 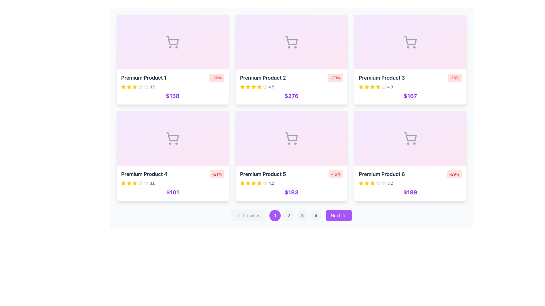 What do you see at coordinates (367, 183) in the screenshot?
I see `the third yellow filled star icon representing the rating in the rating system below the 'Premium Product 6' information card` at bounding box center [367, 183].